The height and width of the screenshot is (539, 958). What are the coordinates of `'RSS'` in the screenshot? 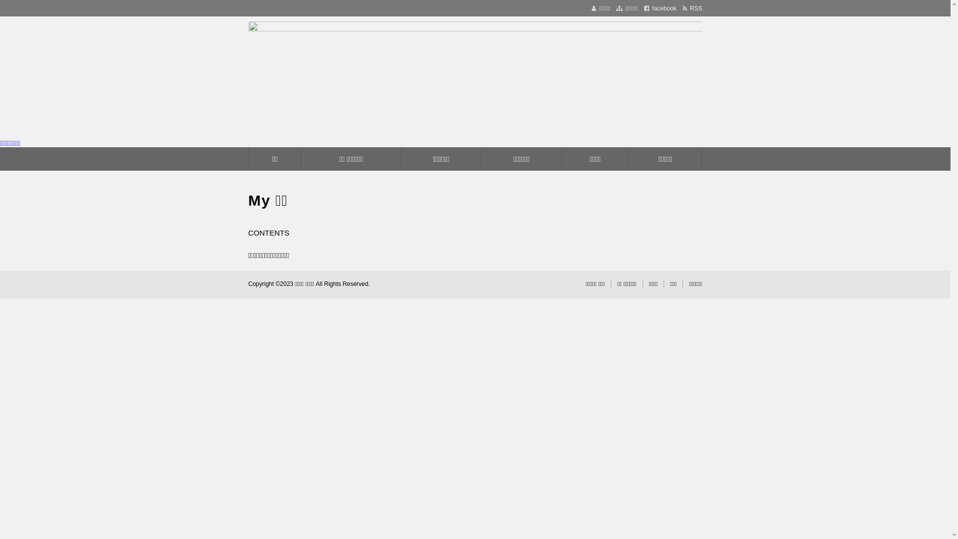 It's located at (692, 8).